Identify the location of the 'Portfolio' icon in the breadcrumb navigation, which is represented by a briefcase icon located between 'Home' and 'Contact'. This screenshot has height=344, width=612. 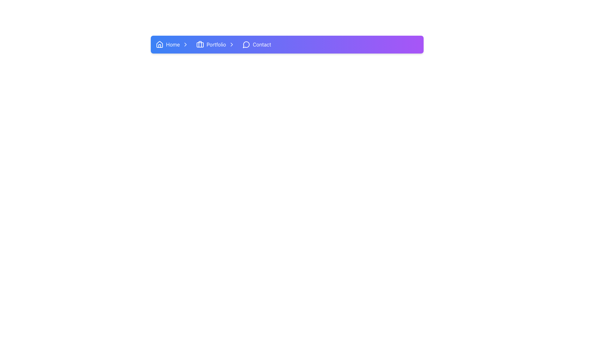
(200, 45).